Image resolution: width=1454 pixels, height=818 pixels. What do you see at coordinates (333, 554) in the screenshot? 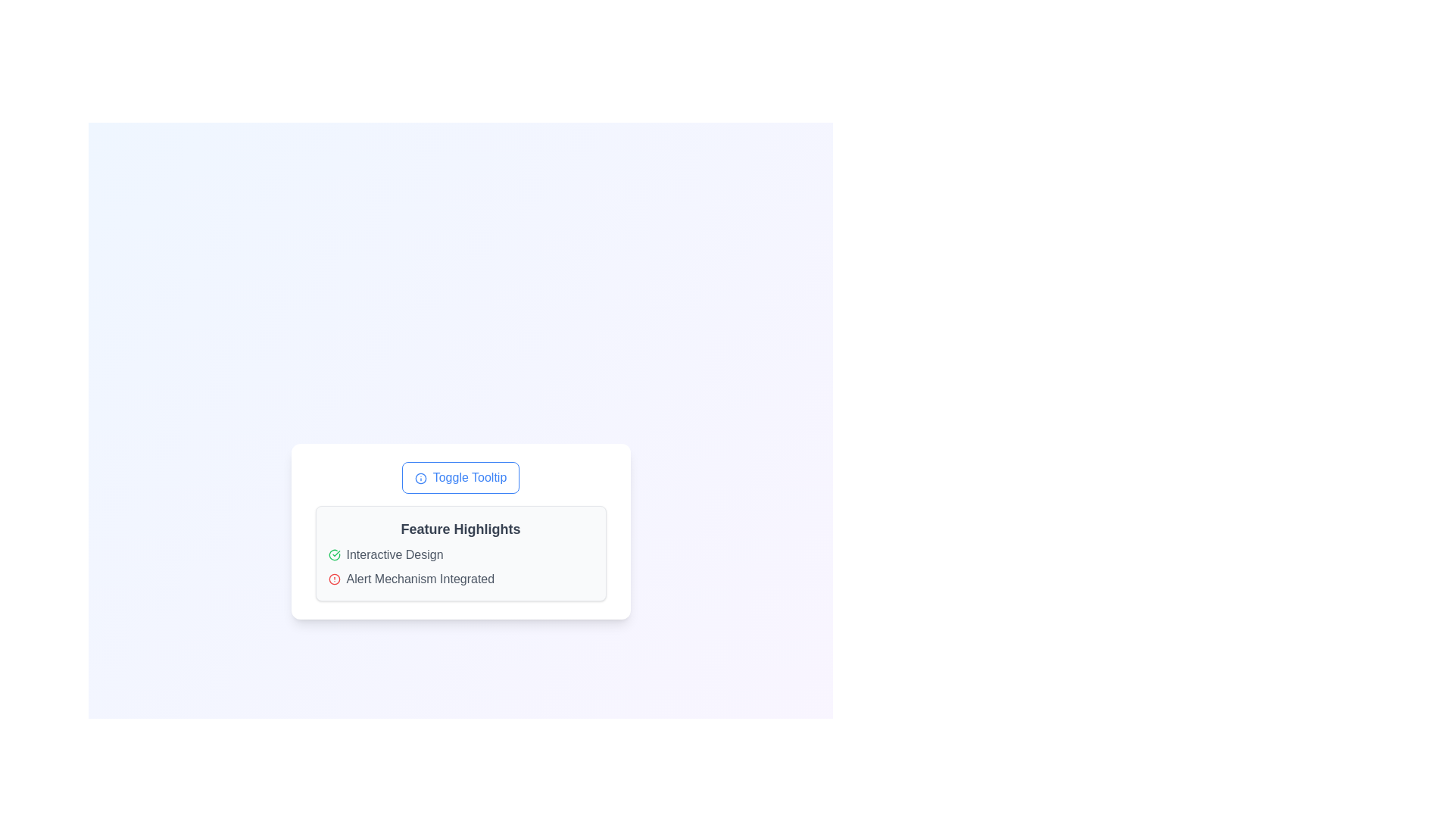
I see `the circular graphical icon or status indicator located beneath 'Feature Highlights' and to the left of 'Interactive Design'` at bounding box center [333, 554].